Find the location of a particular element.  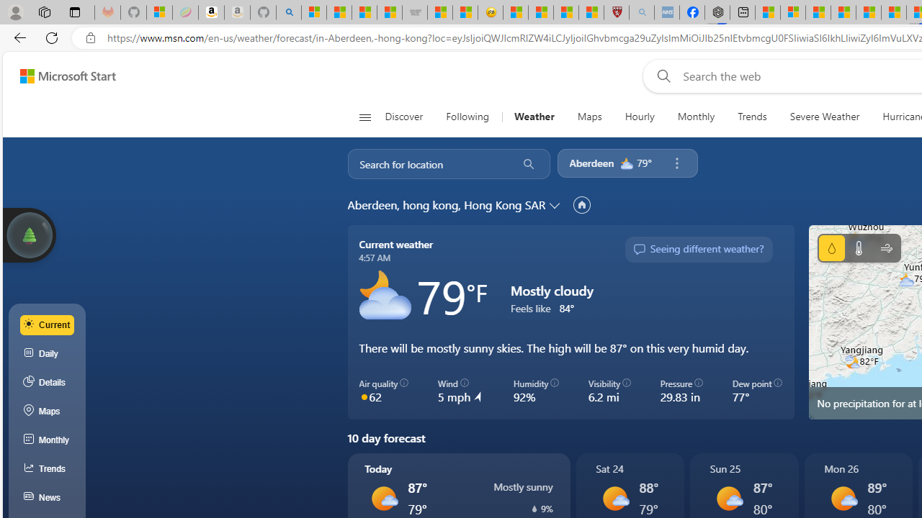

'Web search' is located at coordinates (660, 76).